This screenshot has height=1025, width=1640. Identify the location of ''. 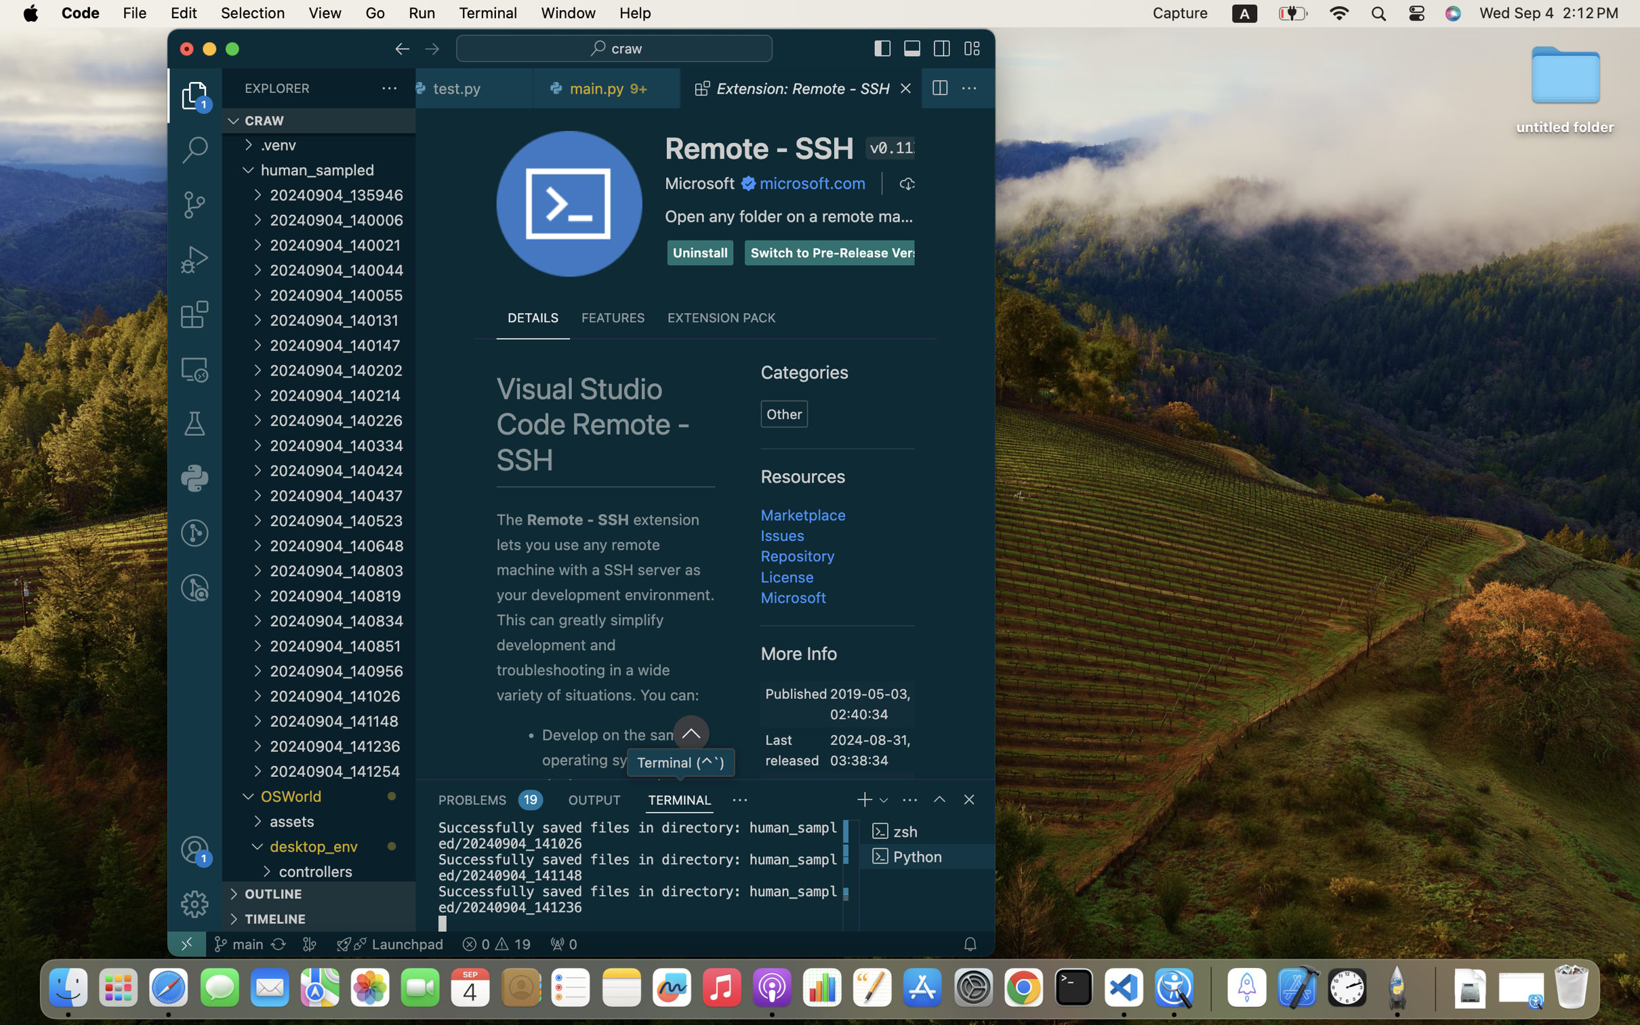
(882, 48).